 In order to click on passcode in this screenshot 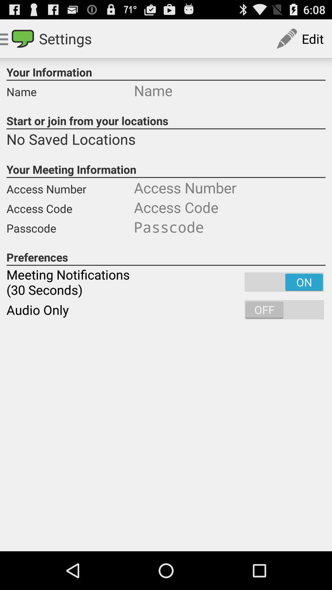, I will do `click(230, 226)`.